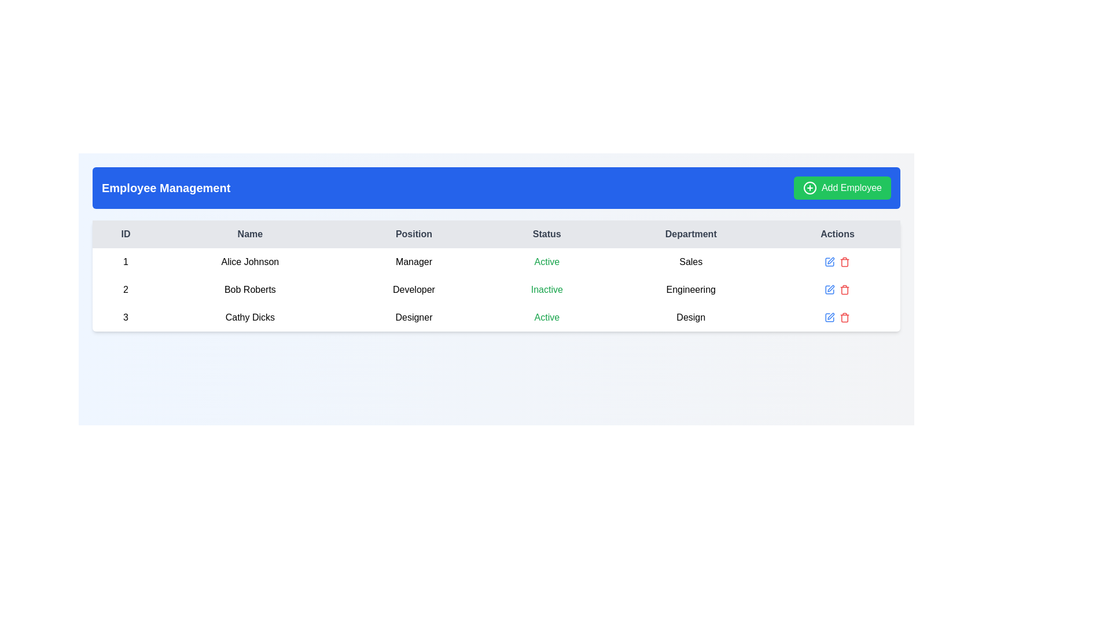  I want to click on the blue pencil icon that represents the edit action, located in the 'Actions' column of the last row of the table, to the left of the red trash bin icon, so click(829, 317).